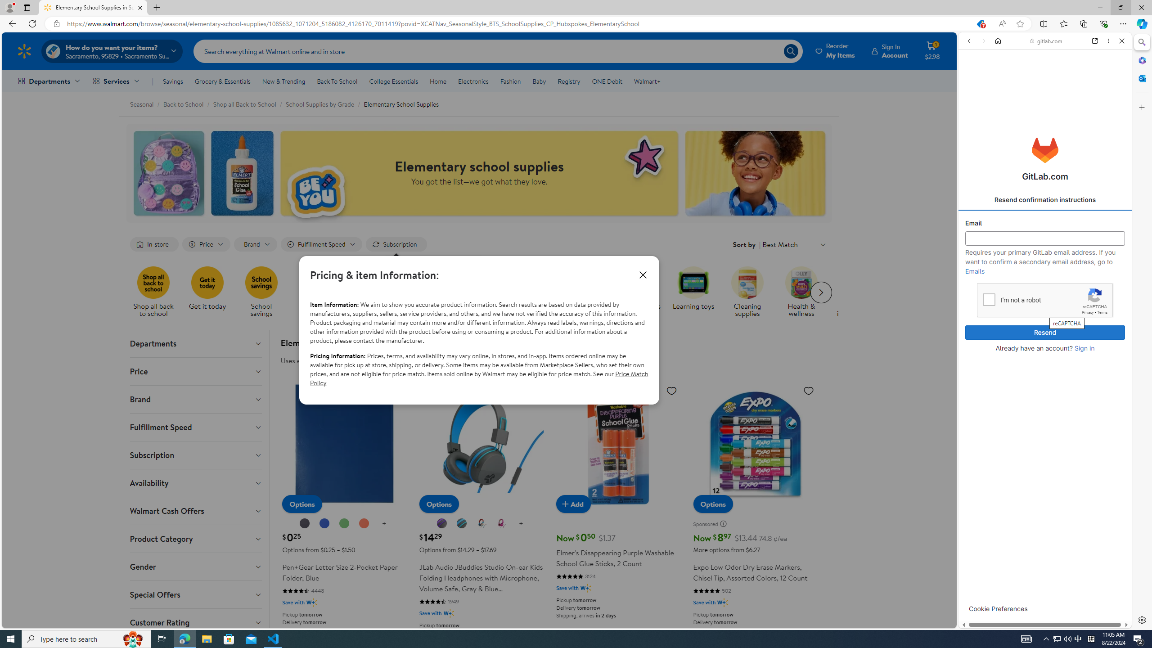 Image resolution: width=1152 pixels, height=648 pixels. Describe the element at coordinates (983, 40) in the screenshot. I see `'Forward'` at that location.